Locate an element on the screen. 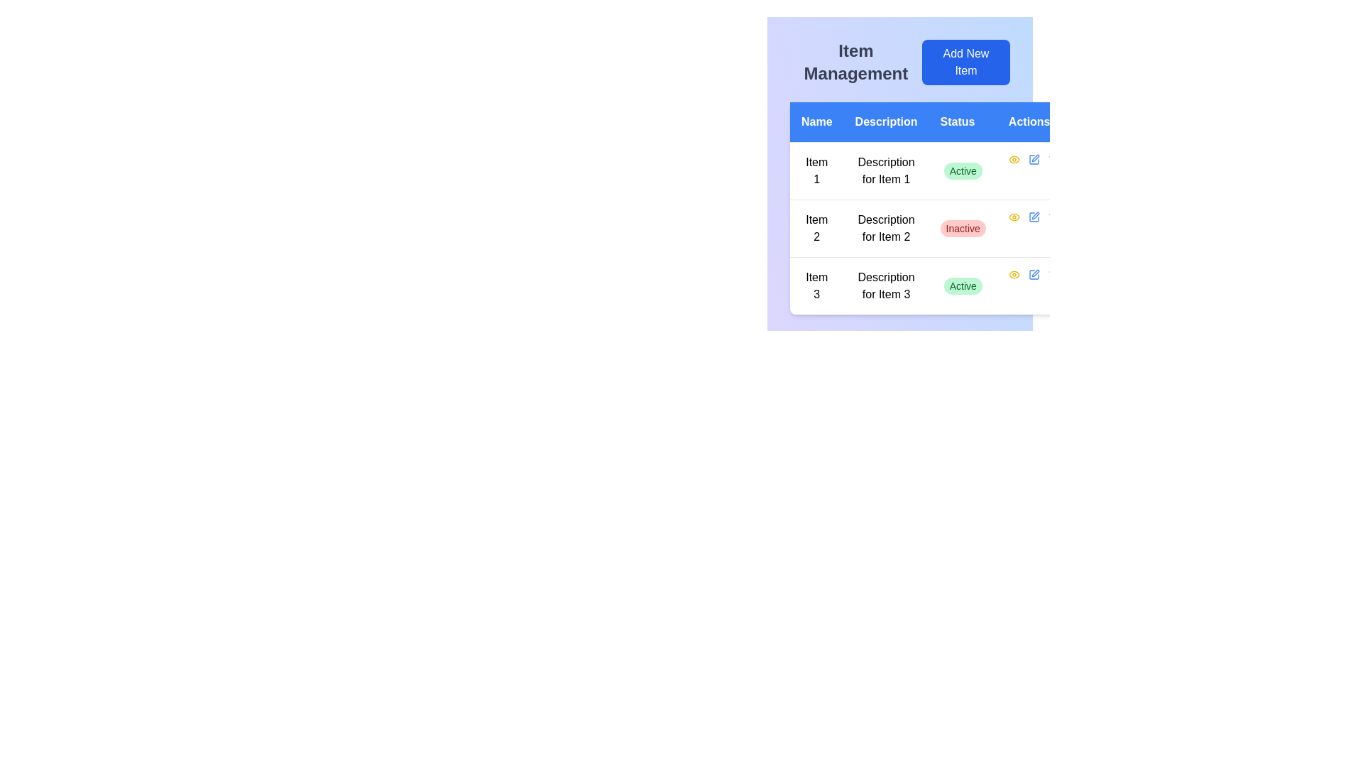 The image size is (1363, 767). the pill-shaped label with the text 'Inactive' which has a red background, located in the 'Status' column of the table under 'Item Management' is located at coordinates (963, 227).